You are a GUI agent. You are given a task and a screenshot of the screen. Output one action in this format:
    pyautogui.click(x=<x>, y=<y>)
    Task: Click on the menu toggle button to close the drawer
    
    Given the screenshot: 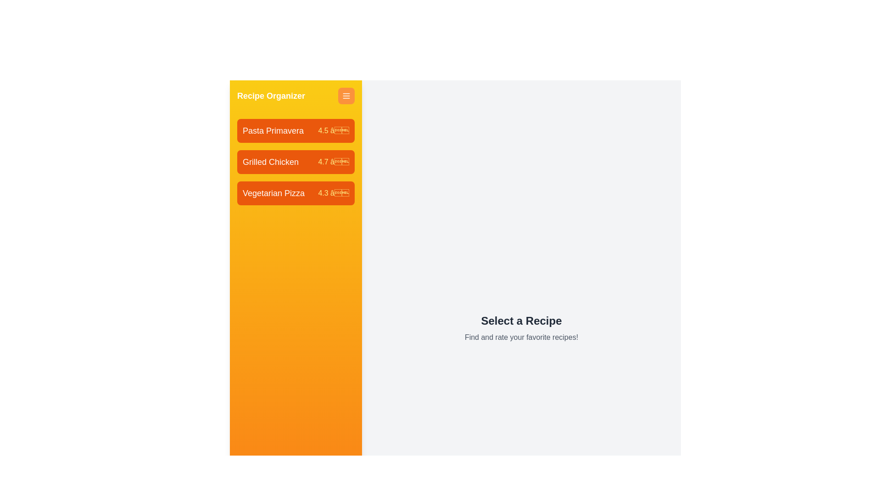 What is the action you would take?
    pyautogui.click(x=346, y=96)
    